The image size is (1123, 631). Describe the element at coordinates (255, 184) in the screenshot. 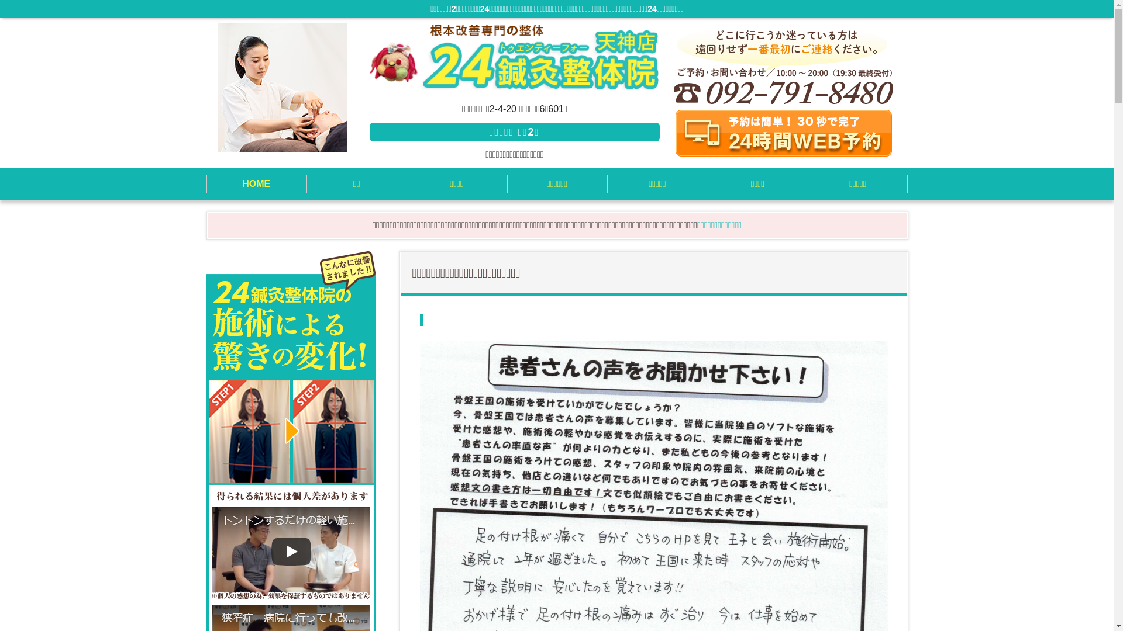

I see `'HOME'` at that location.